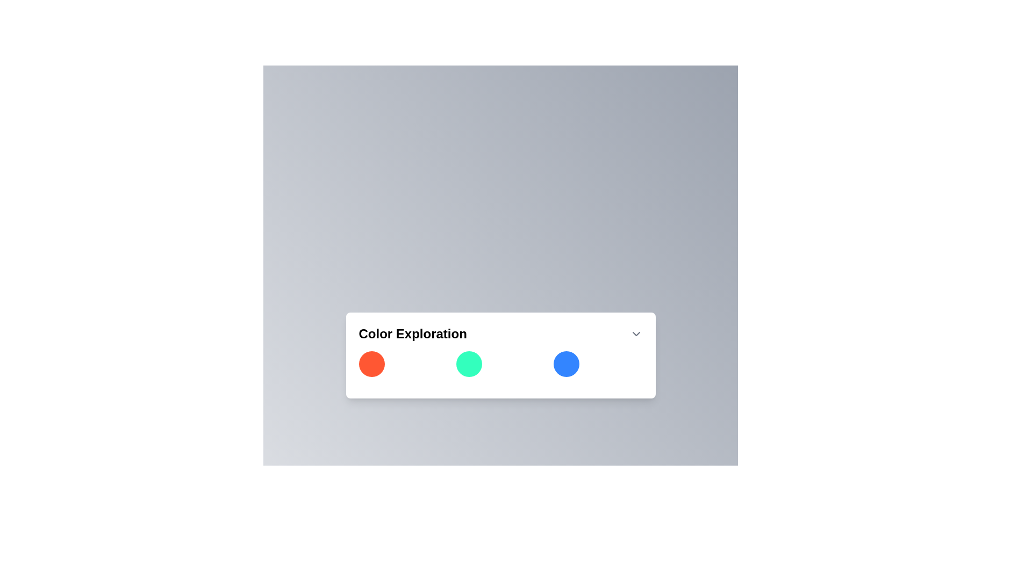 The width and height of the screenshot is (1032, 580). Describe the element at coordinates (566, 364) in the screenshot. I see `the distinctive vibrant blue circular button located under the 'Color Exploration' title` at that location.